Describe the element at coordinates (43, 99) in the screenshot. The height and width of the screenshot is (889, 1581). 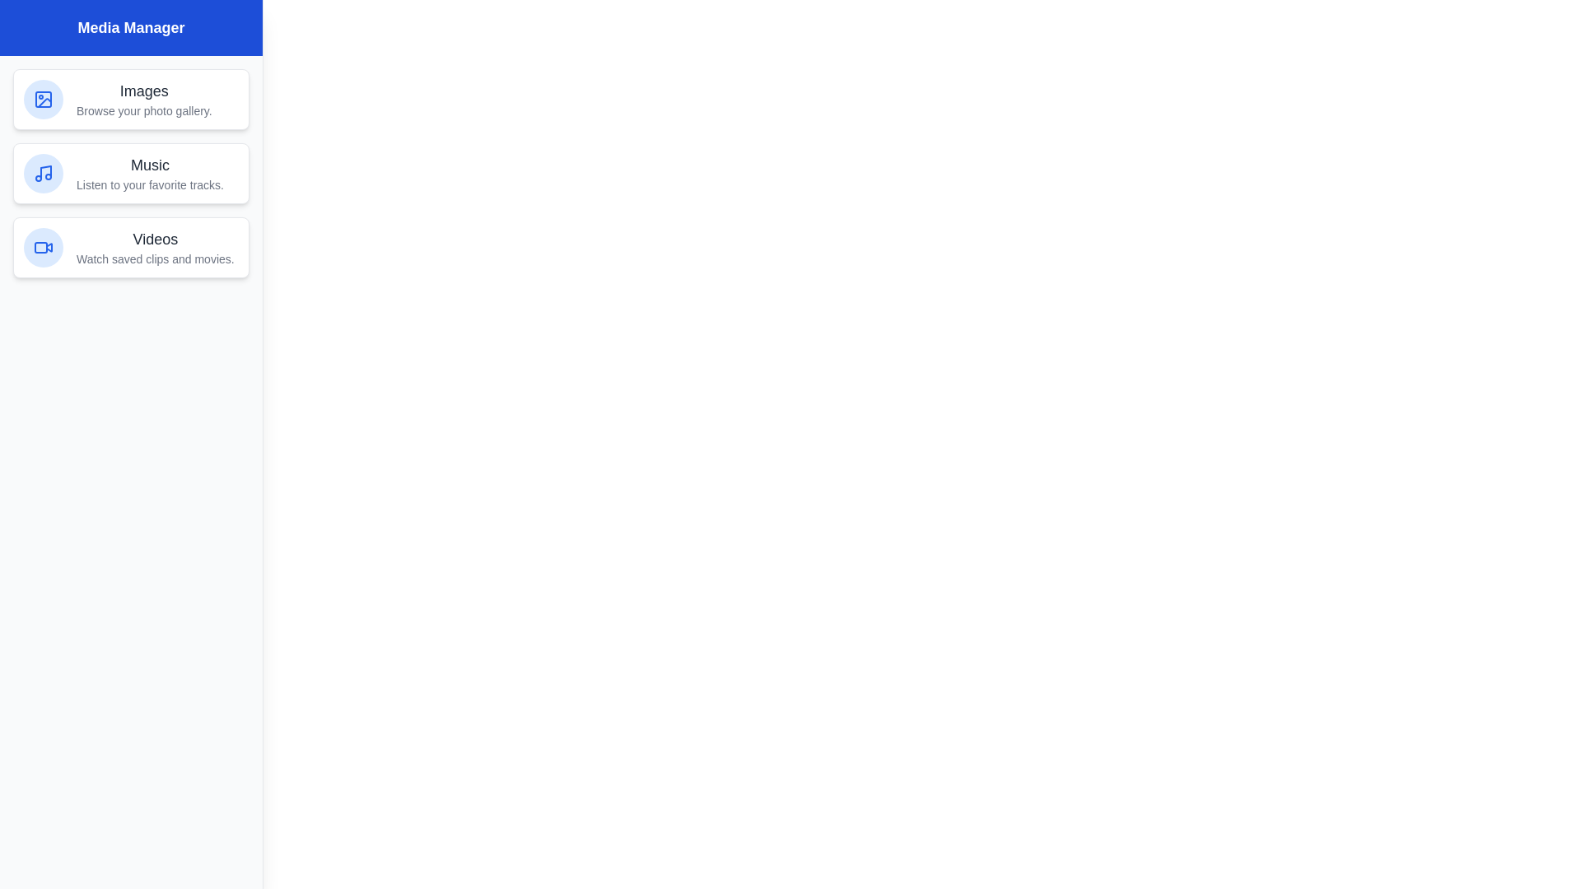
I see `the icon of the Images media section` at that location.